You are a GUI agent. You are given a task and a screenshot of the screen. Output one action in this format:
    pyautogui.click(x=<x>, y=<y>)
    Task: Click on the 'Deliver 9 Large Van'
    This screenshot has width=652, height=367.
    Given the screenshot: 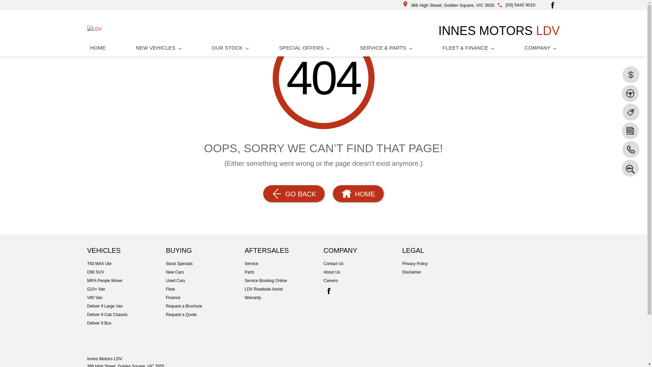 What is the action you would take?
    pyautogui.click(x=126, y=306)
    